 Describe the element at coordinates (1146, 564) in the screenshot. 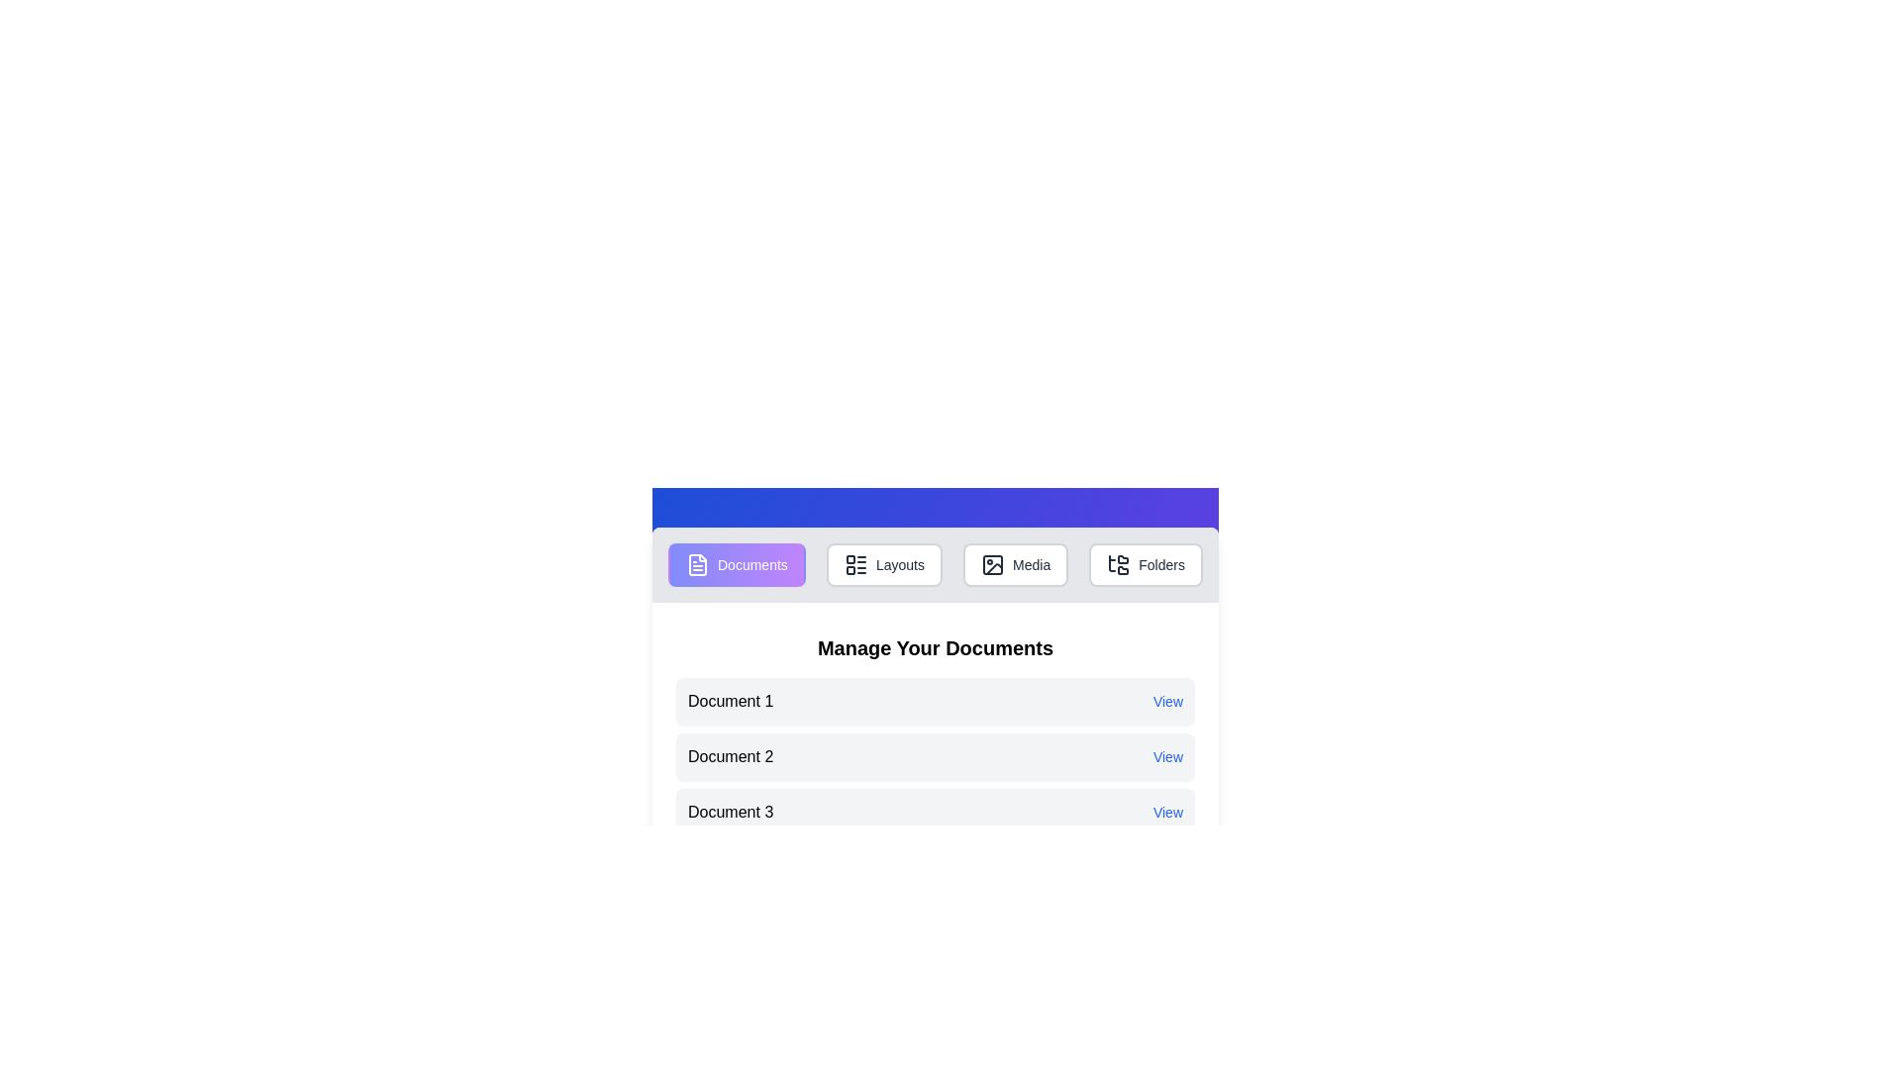

I see `the navigational button with text and an icon that is the fourth button in a horizontal list of tabs, located to the right of the 'Media' tab` at that location.